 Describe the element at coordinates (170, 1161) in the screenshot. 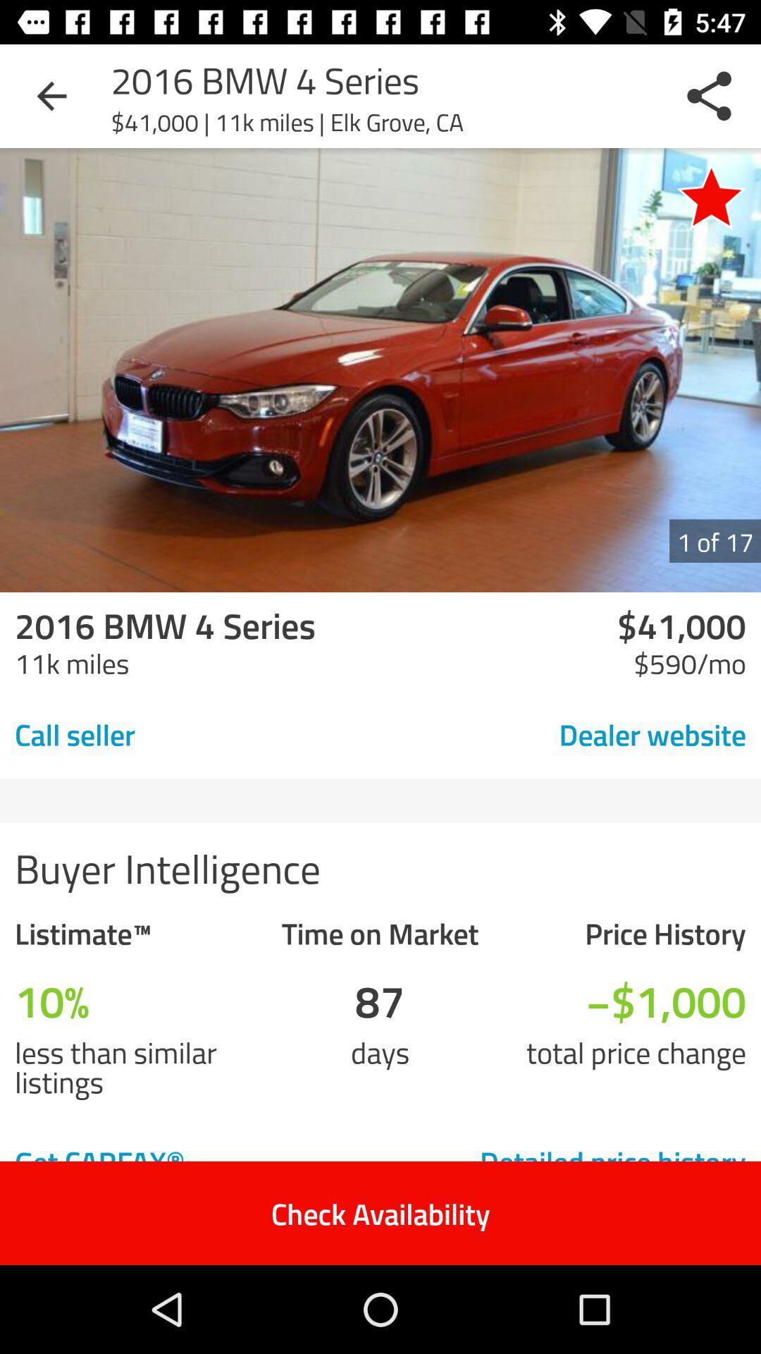

I see `icon below the less than similar item` at that location.